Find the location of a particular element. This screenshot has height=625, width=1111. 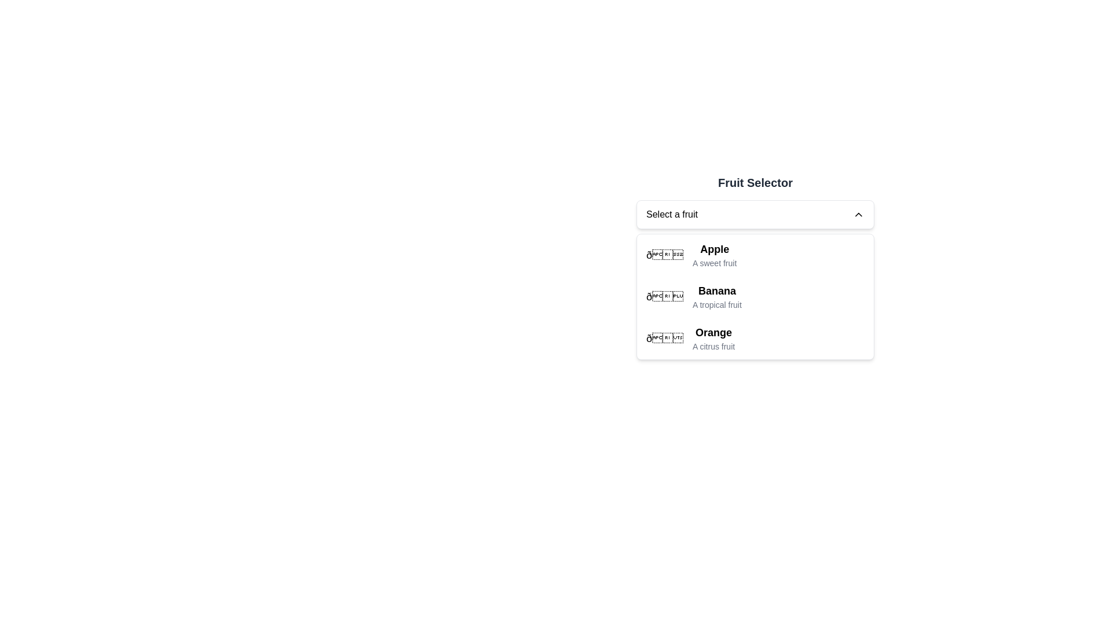

the list item representing the fruit 'Banana' in the dropdown menu titled 'Fruit Selector' is located at coordinates (716, 296).